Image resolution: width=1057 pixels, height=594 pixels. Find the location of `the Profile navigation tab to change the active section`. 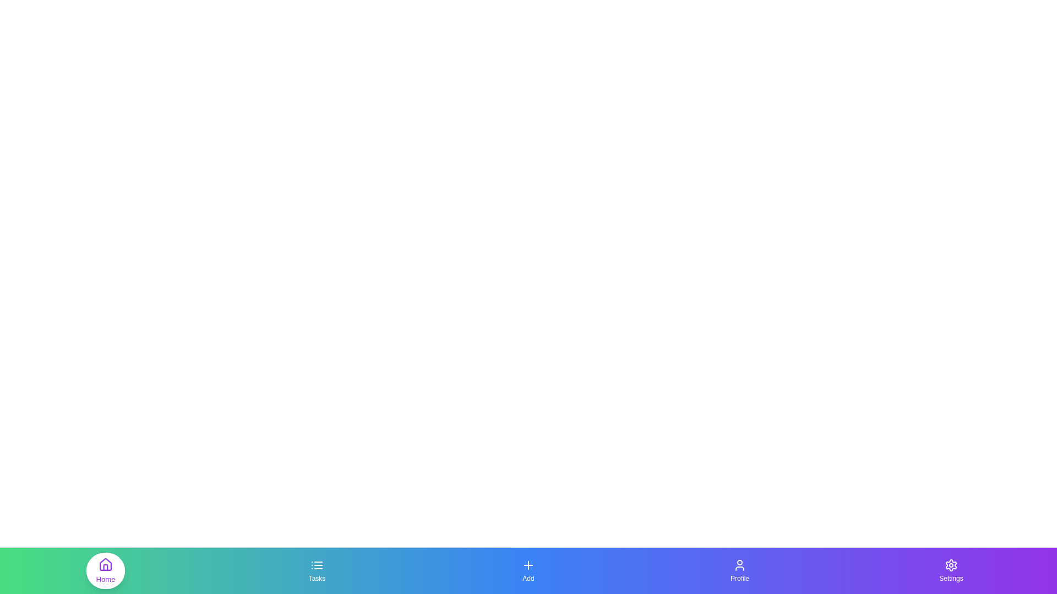

the Profile navigation tab to change the active section is located at coordinates (740, 570).